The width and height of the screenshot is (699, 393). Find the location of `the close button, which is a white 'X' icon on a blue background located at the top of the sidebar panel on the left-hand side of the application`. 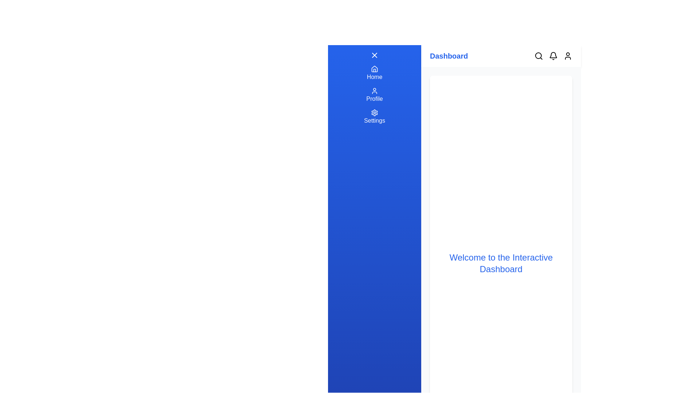

the close button, which is a white 'X' icon on a blue background located at the top of the sidebar panel on the left-hand side of the application is located at coordinates (374, 55).